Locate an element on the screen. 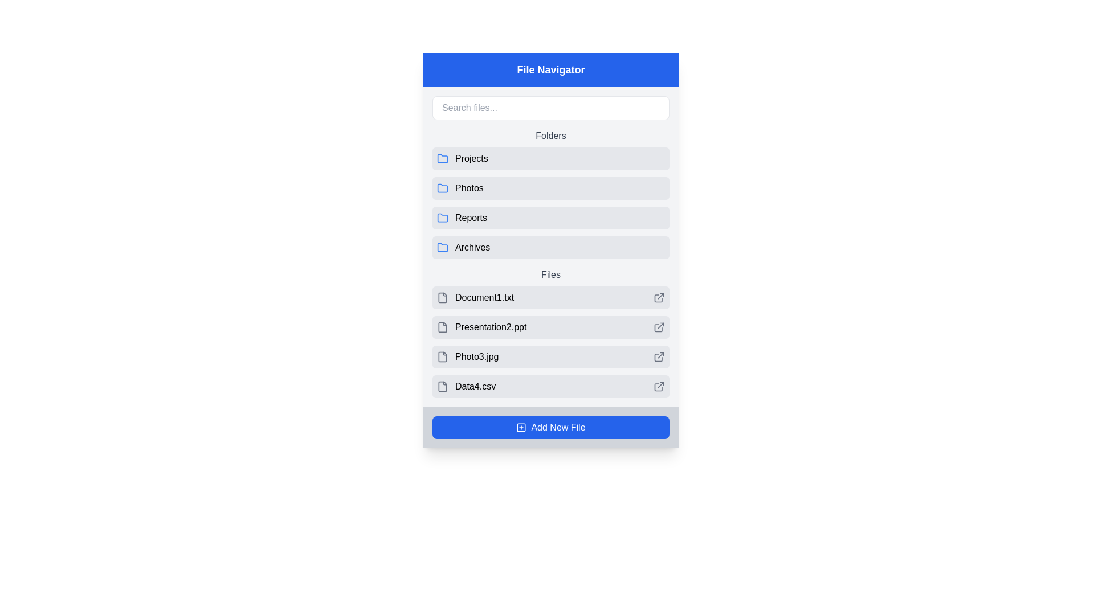 The height and width of the screenshot is (615, 1094). the icon representing the file 'Photo3.jpg' is located at coordinates (467, 356).